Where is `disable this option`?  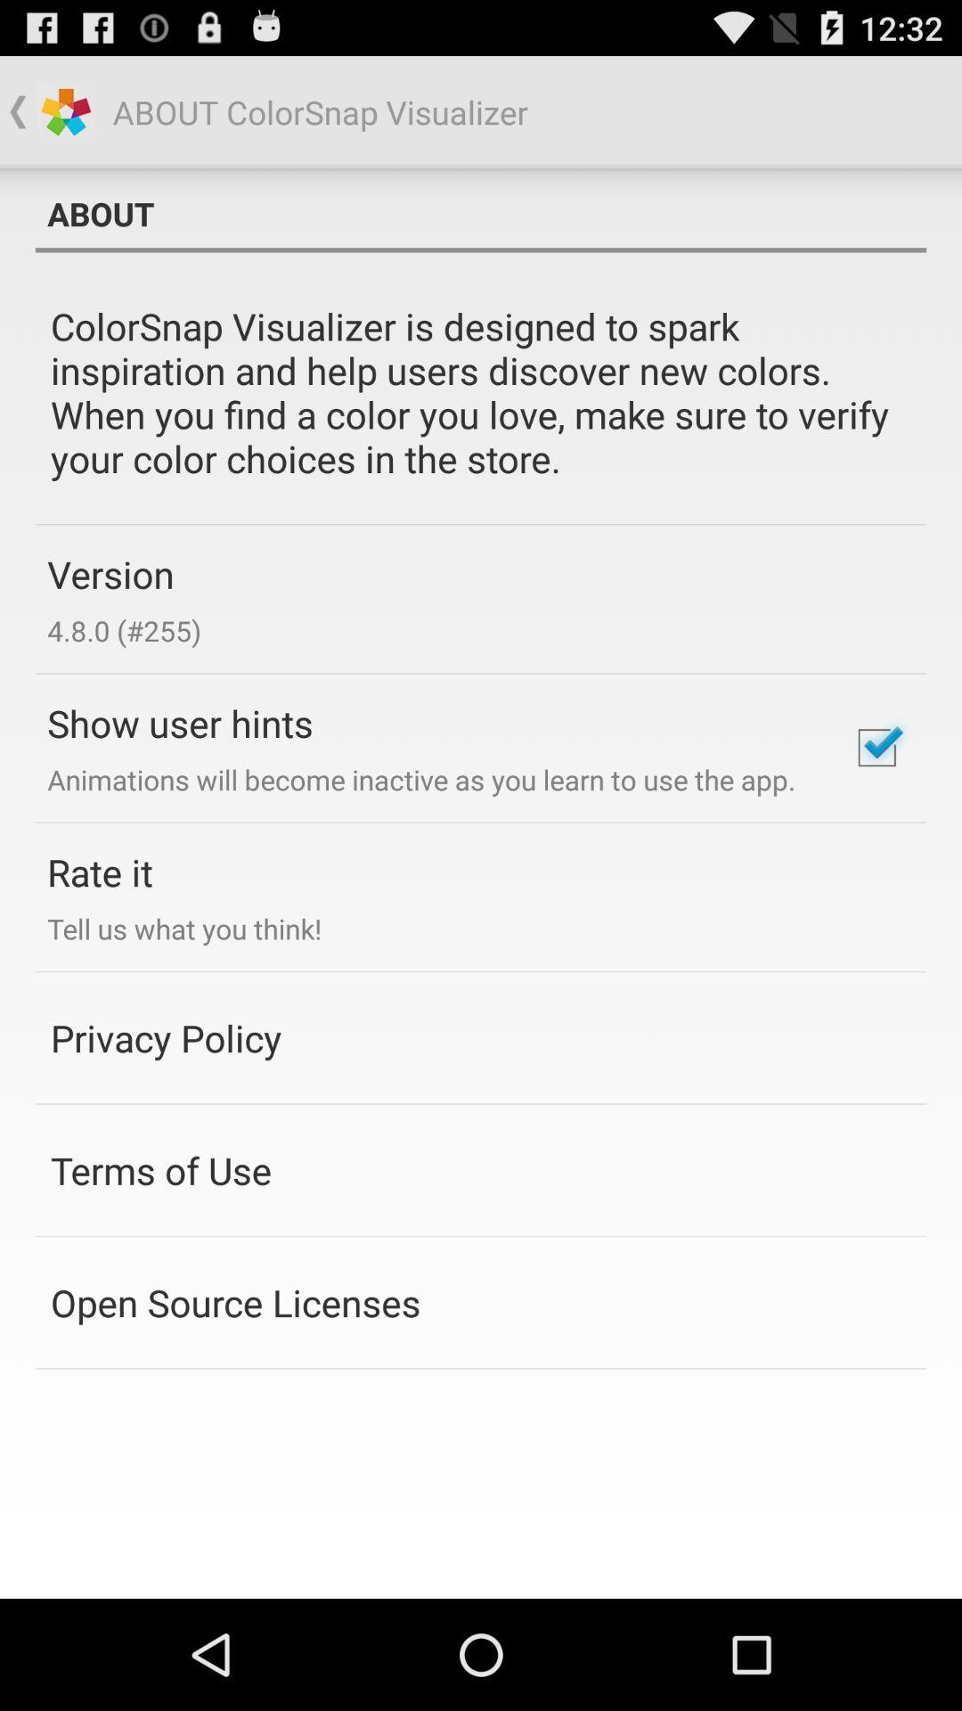 disable this option is located at coordinates (876, 748).